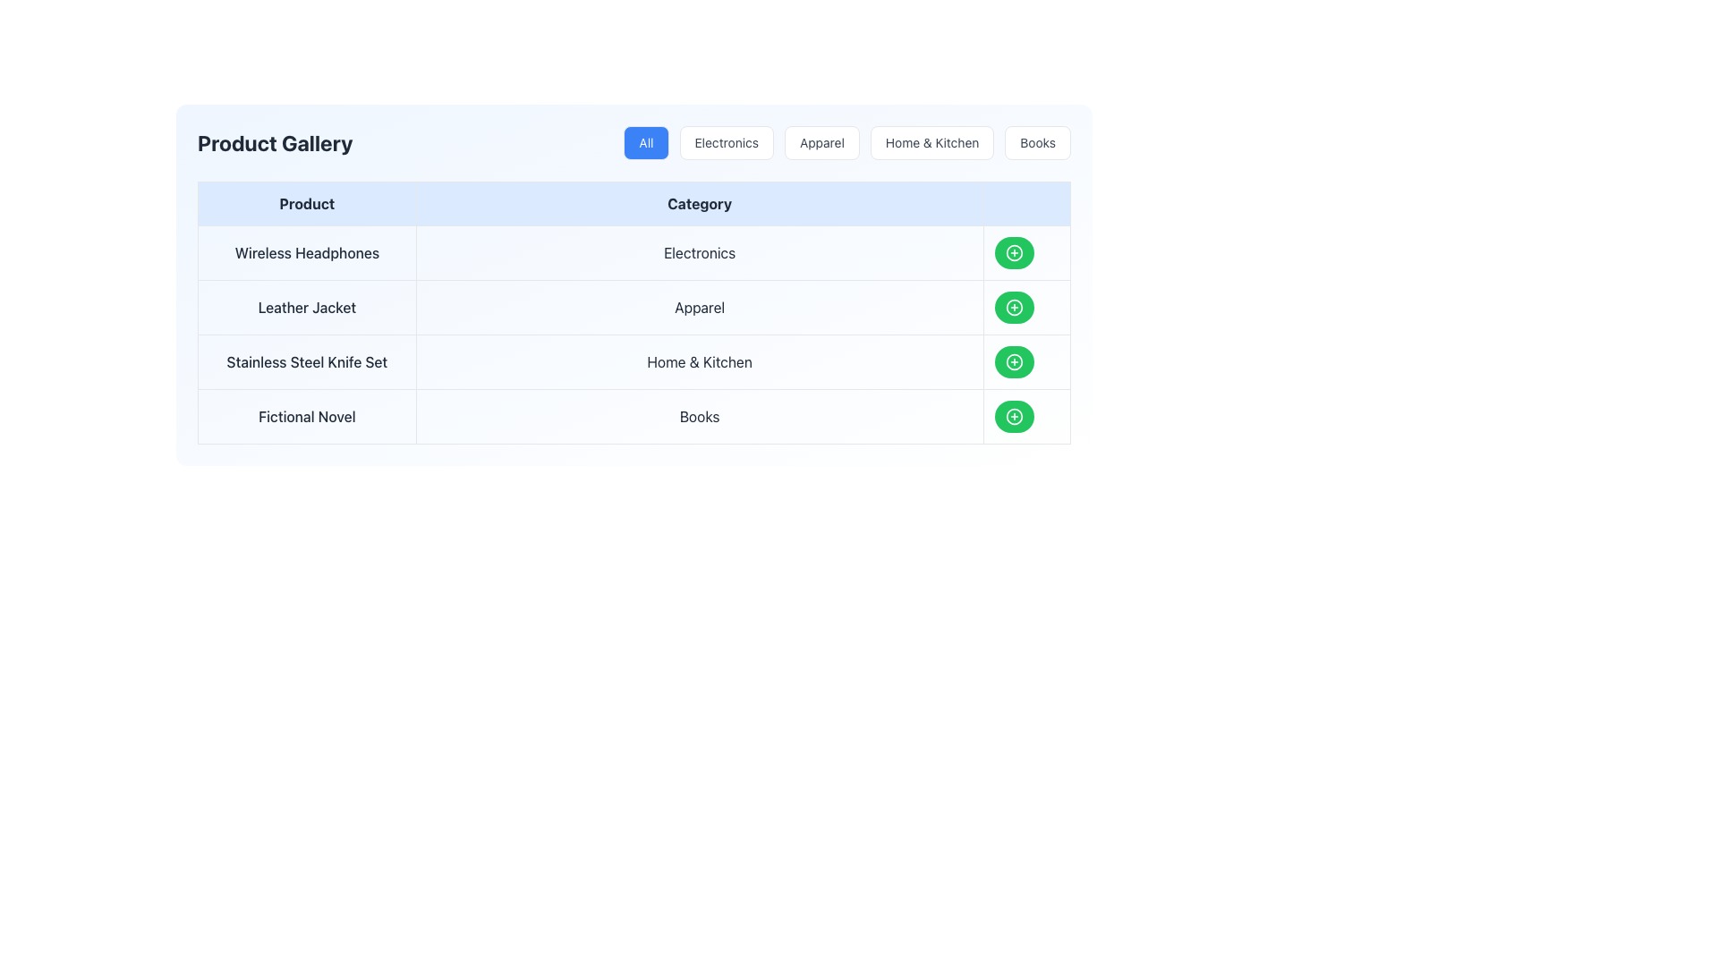 The height and width of the screenshot is (966, 1718). Describe the element at coordinates (1014, 252) in the screenshot. I see `the circular green button with a white plus symbol located in the 'Electronics' row of the product listing table` at that location.